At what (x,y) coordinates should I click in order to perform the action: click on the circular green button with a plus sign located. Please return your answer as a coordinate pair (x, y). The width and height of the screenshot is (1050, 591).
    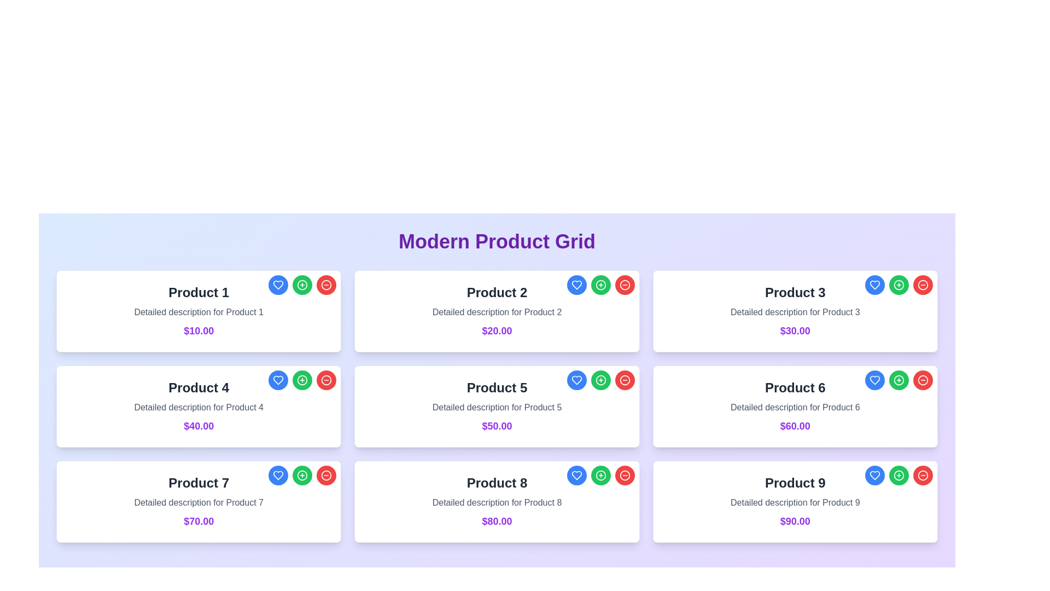
    Looking at the image, I should click on (302, 379).